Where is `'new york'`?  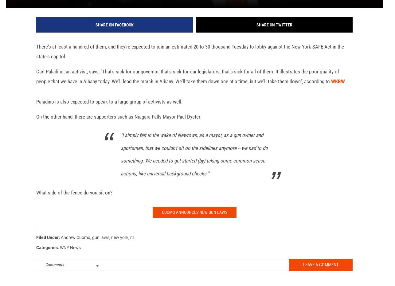
'new york' is located at coordinates (119, 247).